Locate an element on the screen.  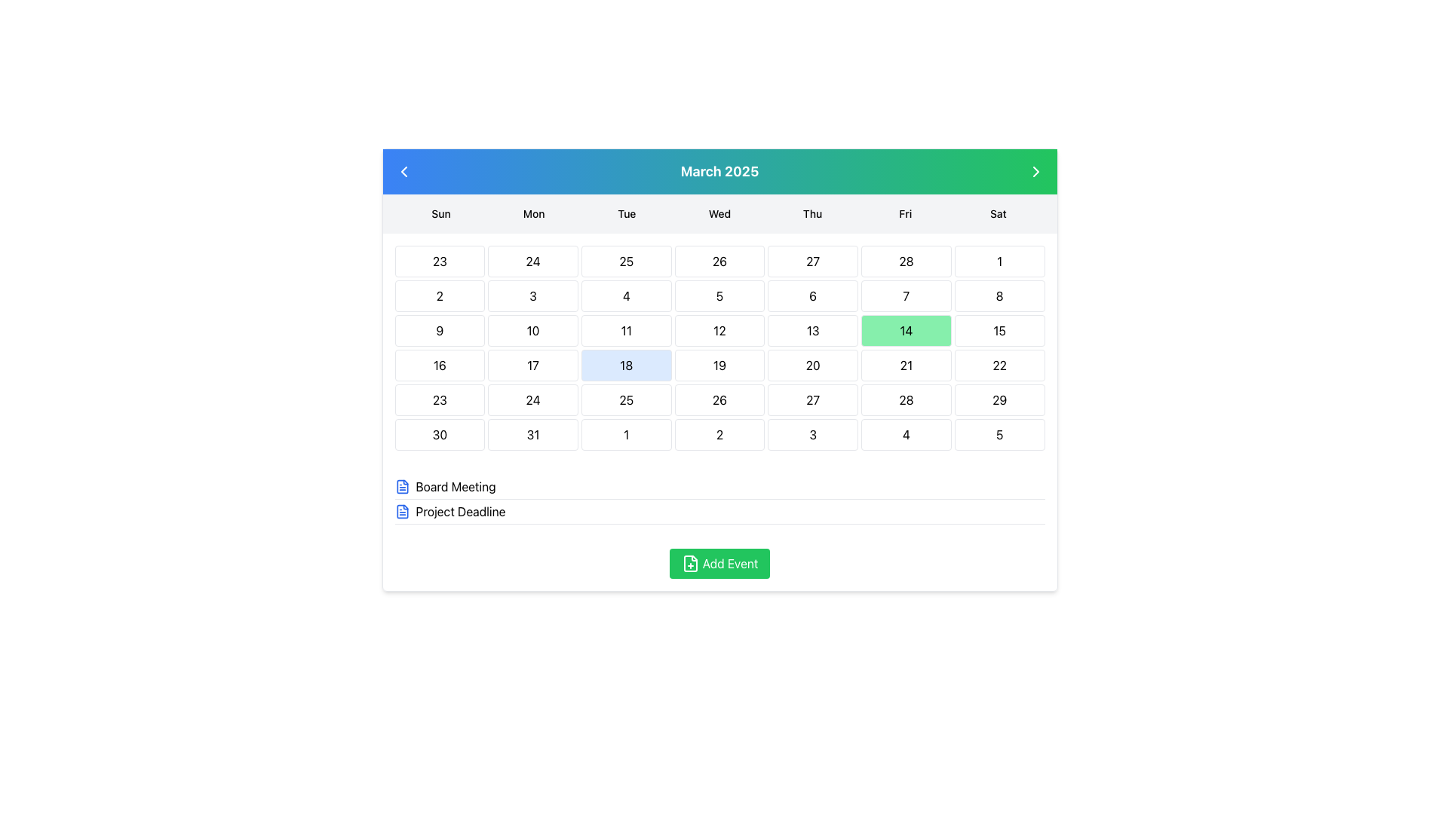
the text box displaying the number '26' which represents Wednesday, March 26, 2025 is located at coordinates (719, 261).